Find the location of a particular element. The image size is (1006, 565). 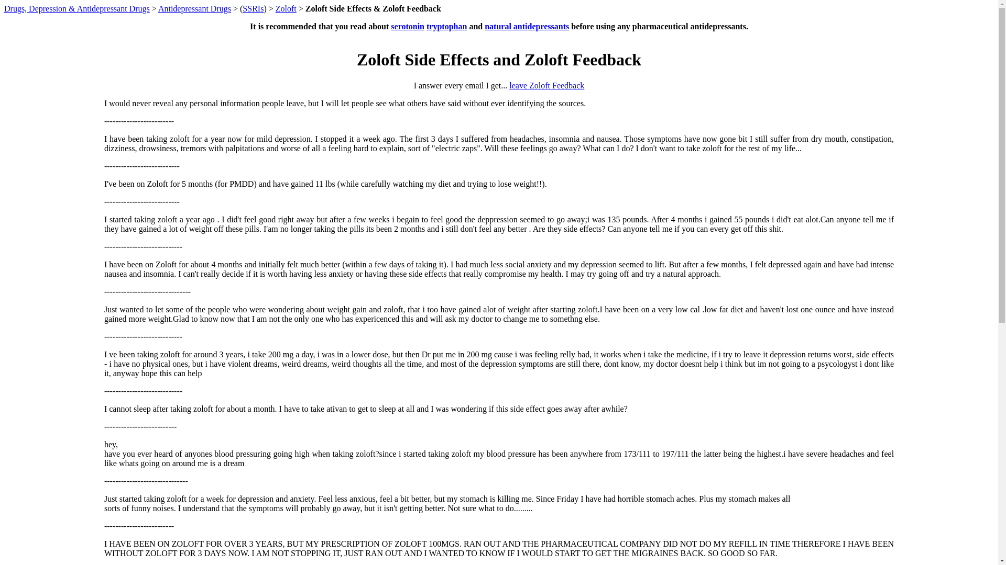

'Antidepressant Drugs' is located at coordinates (194, 8).